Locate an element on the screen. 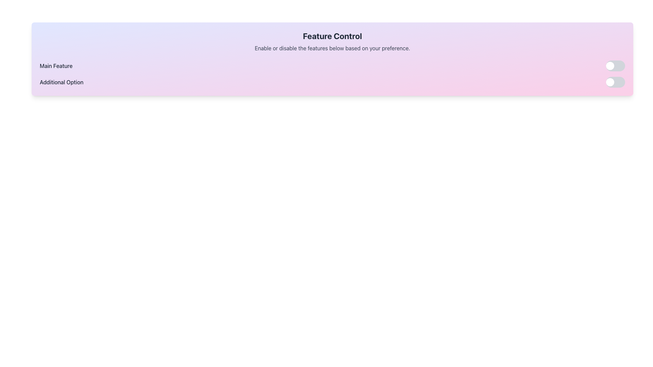 The height and width of the screenshot is (367, 653). the static text stating 'Enable or disable the features below based on your preference', which is positioned below the heading 'Feature Control' is located at coordinates (332, 48).